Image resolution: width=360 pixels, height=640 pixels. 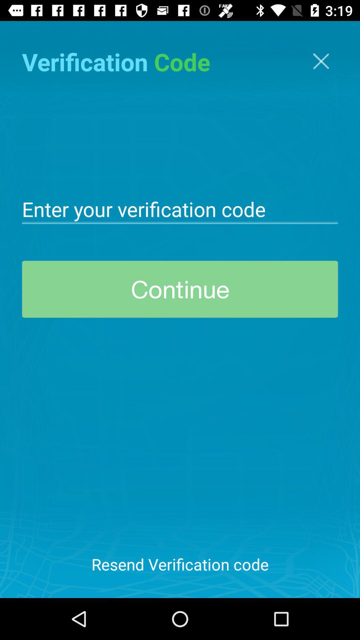 What do you see at coordinates (180, 289) in the screenshot?
I see `the continue at the center` at bounding box center [180, 289].